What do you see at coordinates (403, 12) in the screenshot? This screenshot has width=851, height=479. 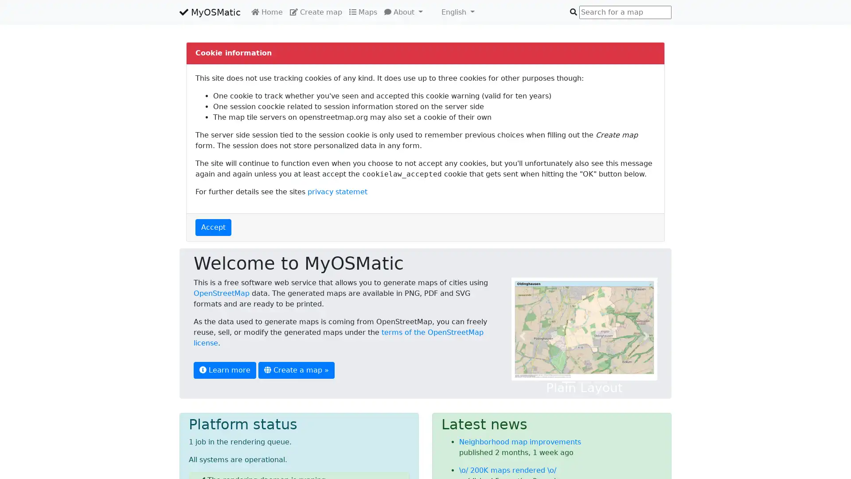 I see `About` at bounding box center [403, 12].